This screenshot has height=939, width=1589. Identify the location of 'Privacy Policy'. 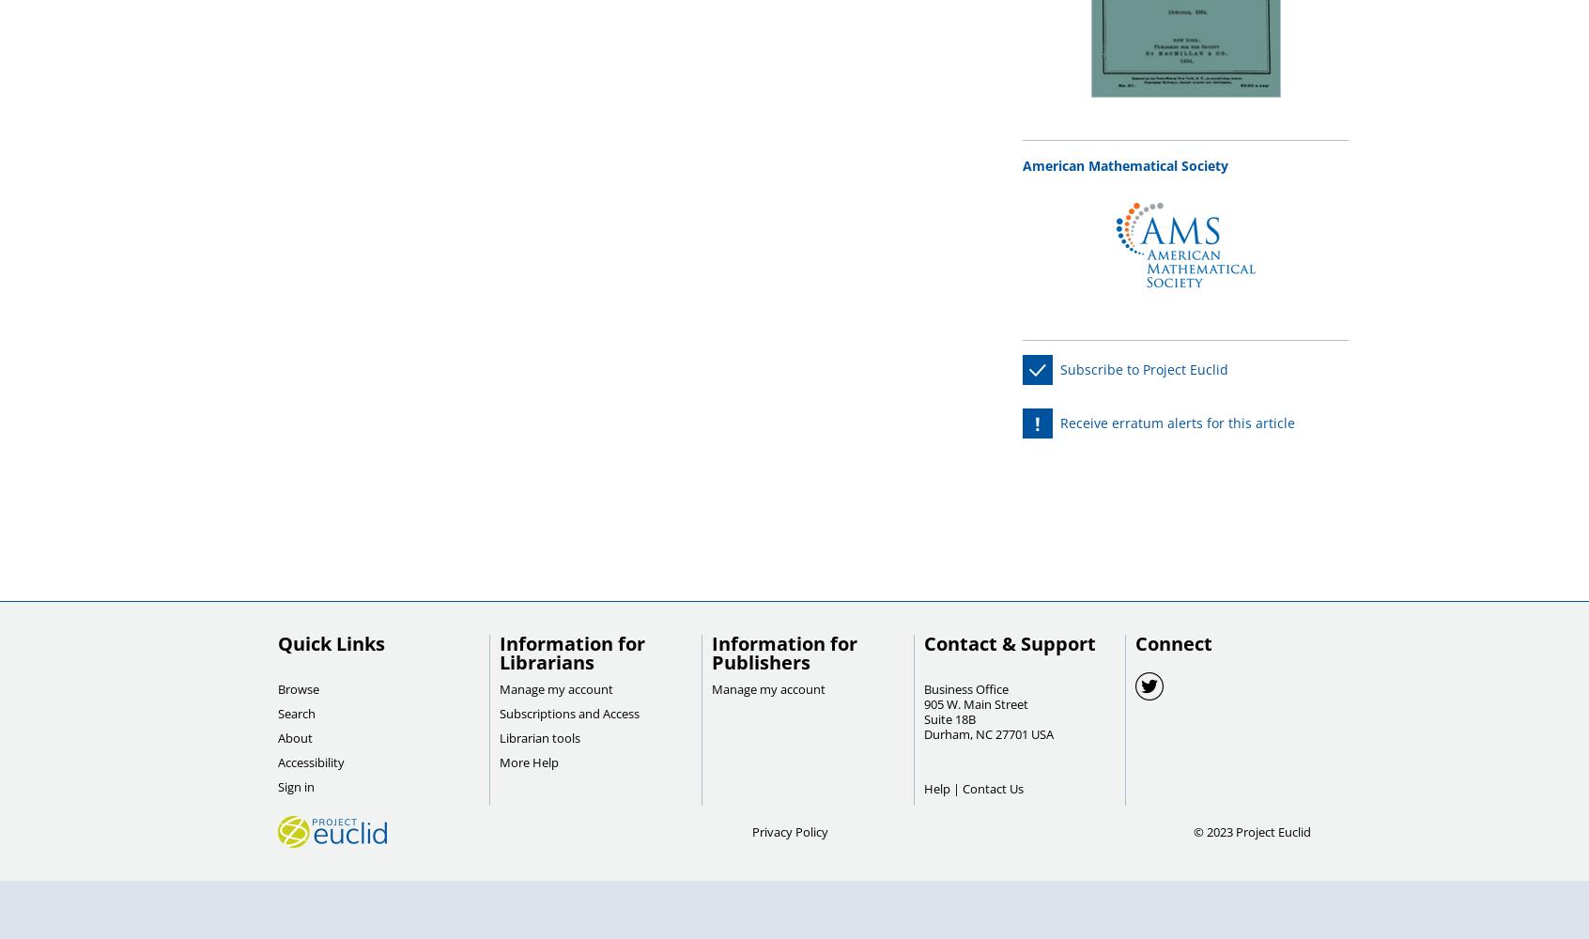
(751, 831).